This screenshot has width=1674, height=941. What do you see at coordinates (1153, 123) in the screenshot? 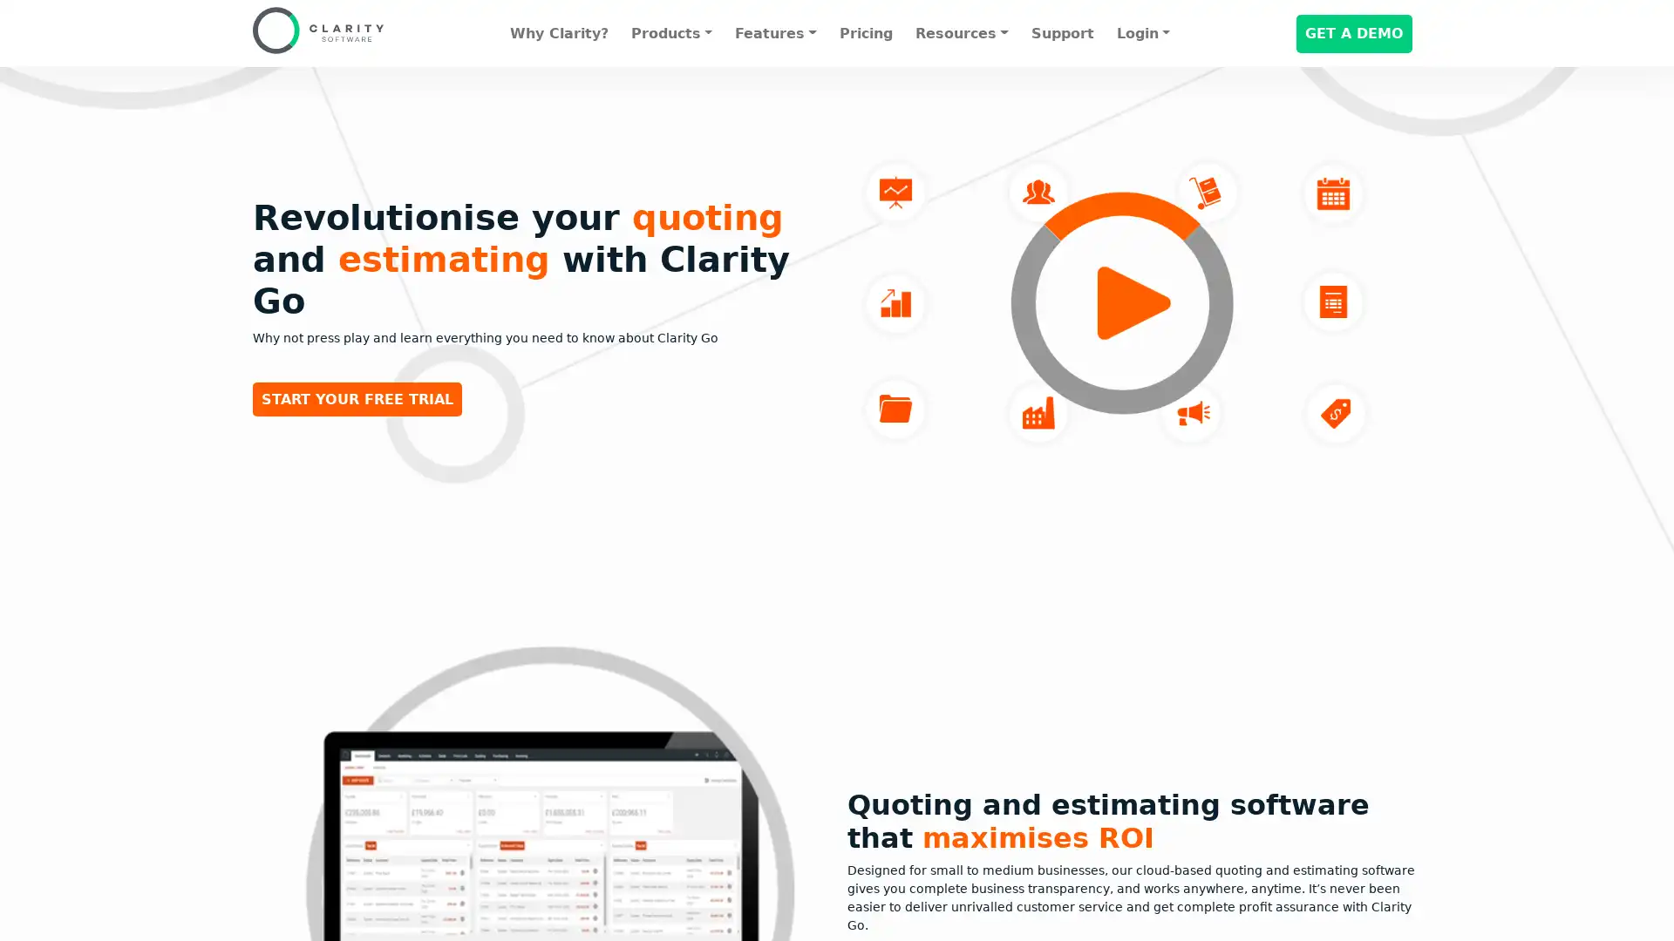
I see `Decline` at bounding box center [1153, 123].